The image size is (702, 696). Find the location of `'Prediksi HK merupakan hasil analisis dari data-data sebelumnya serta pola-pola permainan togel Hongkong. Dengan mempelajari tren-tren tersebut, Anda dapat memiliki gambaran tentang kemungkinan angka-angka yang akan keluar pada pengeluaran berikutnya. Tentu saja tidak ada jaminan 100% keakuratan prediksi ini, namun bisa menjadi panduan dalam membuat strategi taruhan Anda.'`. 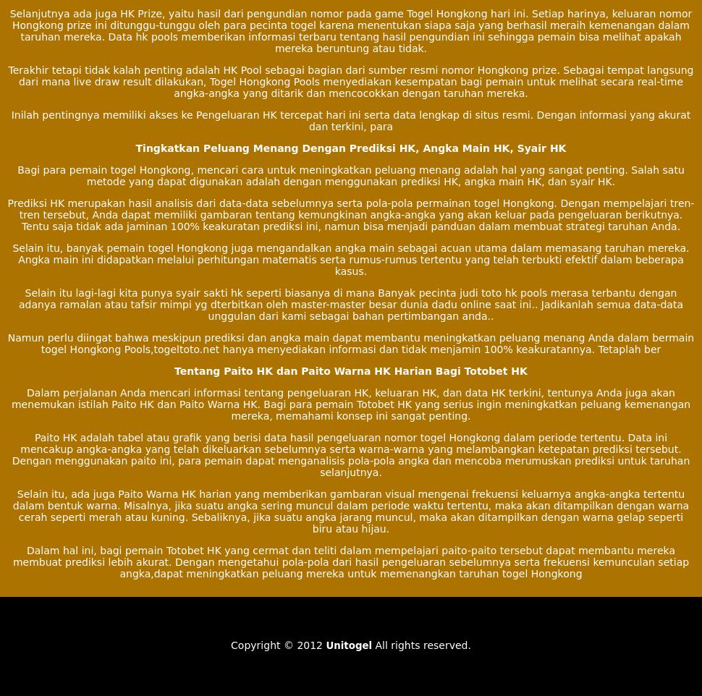

'Prediksi HK merupakan hasil analisis dari data-data sebelumnya serta pola-pola permainan togel Hongkong. Dengan mempelajari tren-tren tersebut, Anda dapat memiliki gambaran tentang kemungkinan angka-angka yang akan keluar pada pengeluaran berikutnya. Tentu saja tidak ada jaminan 100% keakuratan prediksi ini, namun bisa menjadi panduan dalam membuat strategi taruhan Anda.' is located at coordinates (350, 213).